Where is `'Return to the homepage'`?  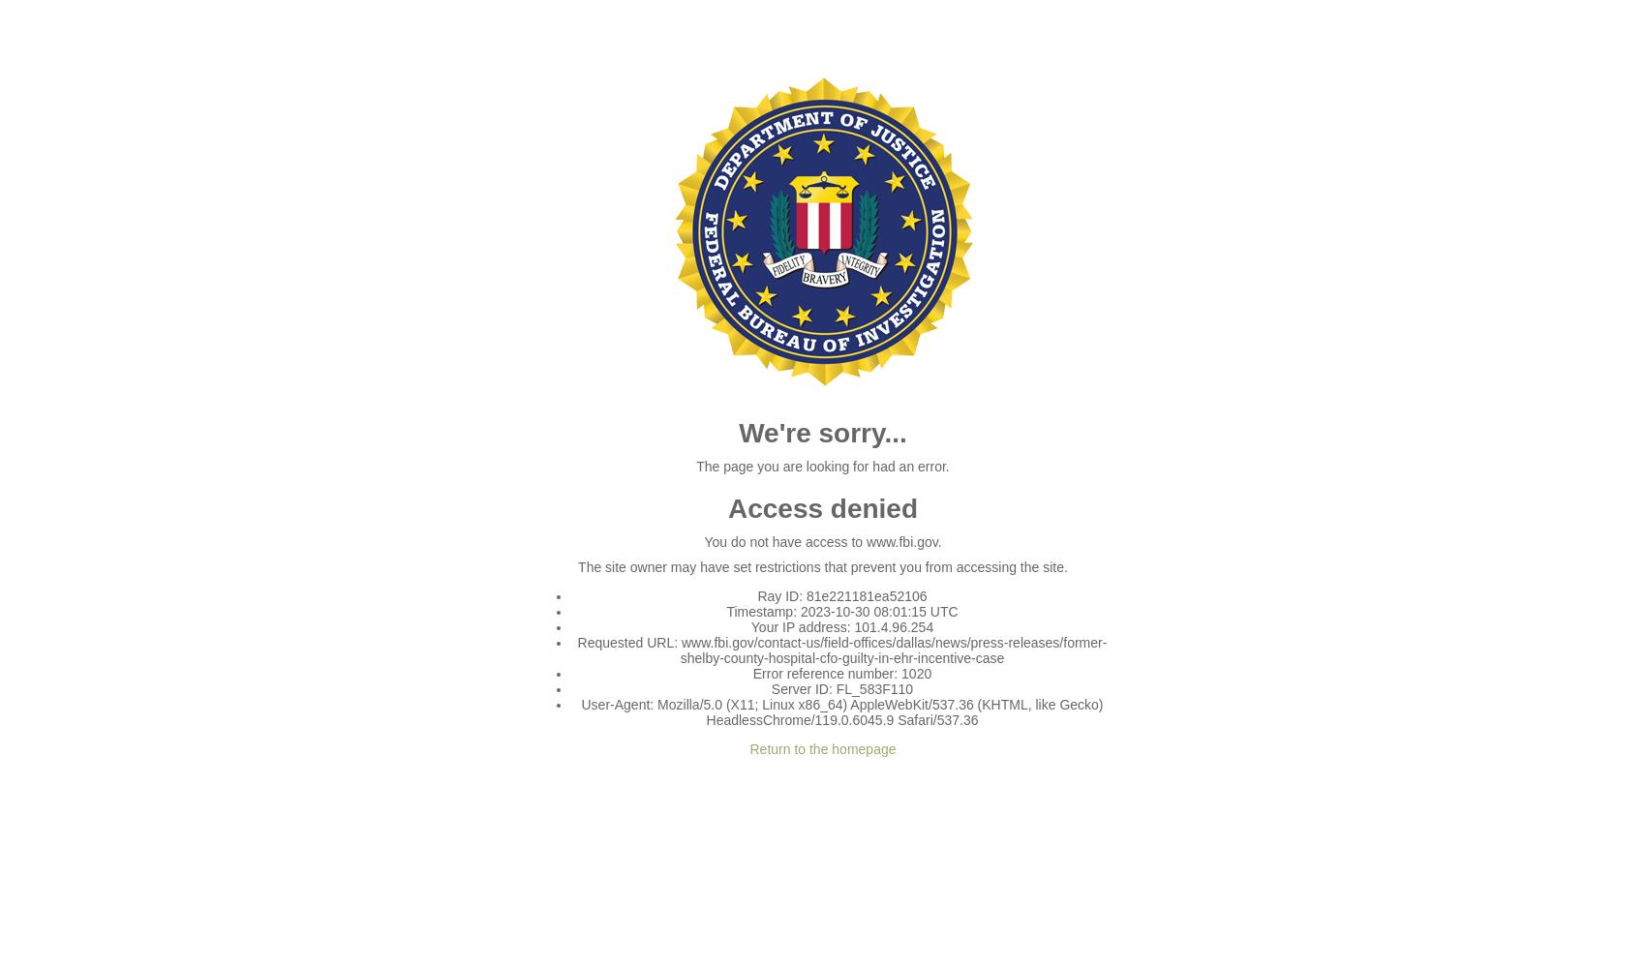
'Return to the homepage' is located at coordinates (821, 749).